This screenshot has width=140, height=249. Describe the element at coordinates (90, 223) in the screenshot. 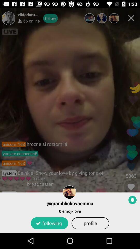

I see `the icon to the right of following item` at that location.